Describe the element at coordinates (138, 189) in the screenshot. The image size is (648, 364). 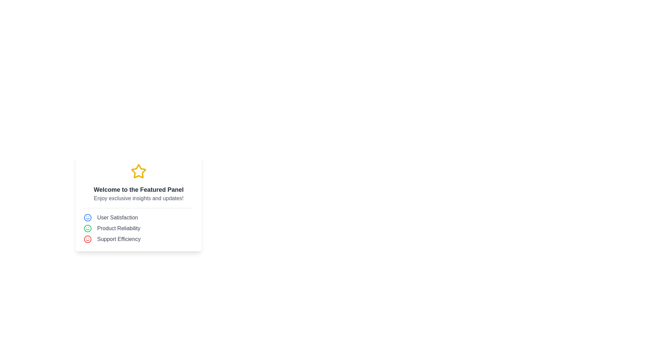
I see `text label displaying 'Welcome to the Featured Panel', which is prominently positioned in the center of the visible area` at that location.